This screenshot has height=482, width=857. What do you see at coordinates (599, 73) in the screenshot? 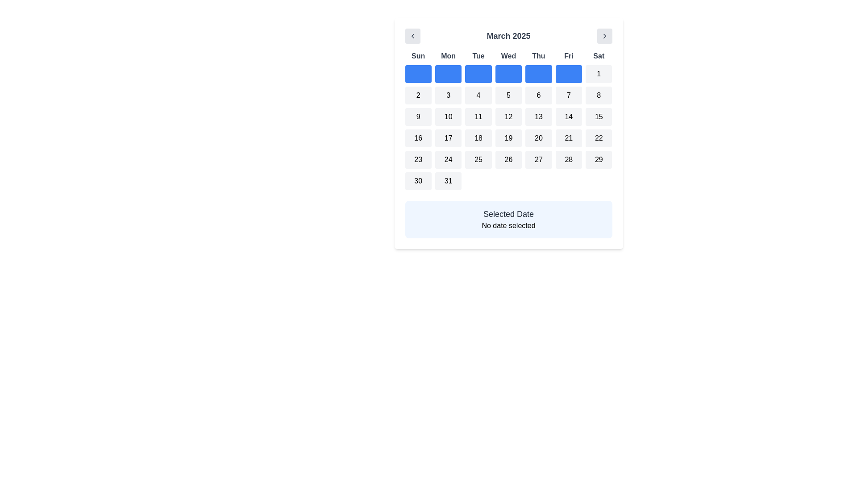
I see `the rectangular button with a light gray background and centered black text displaying the number '1' in the March 2025 calendar grid, located under the 'Sat' column` at bounding box center [599, 73].